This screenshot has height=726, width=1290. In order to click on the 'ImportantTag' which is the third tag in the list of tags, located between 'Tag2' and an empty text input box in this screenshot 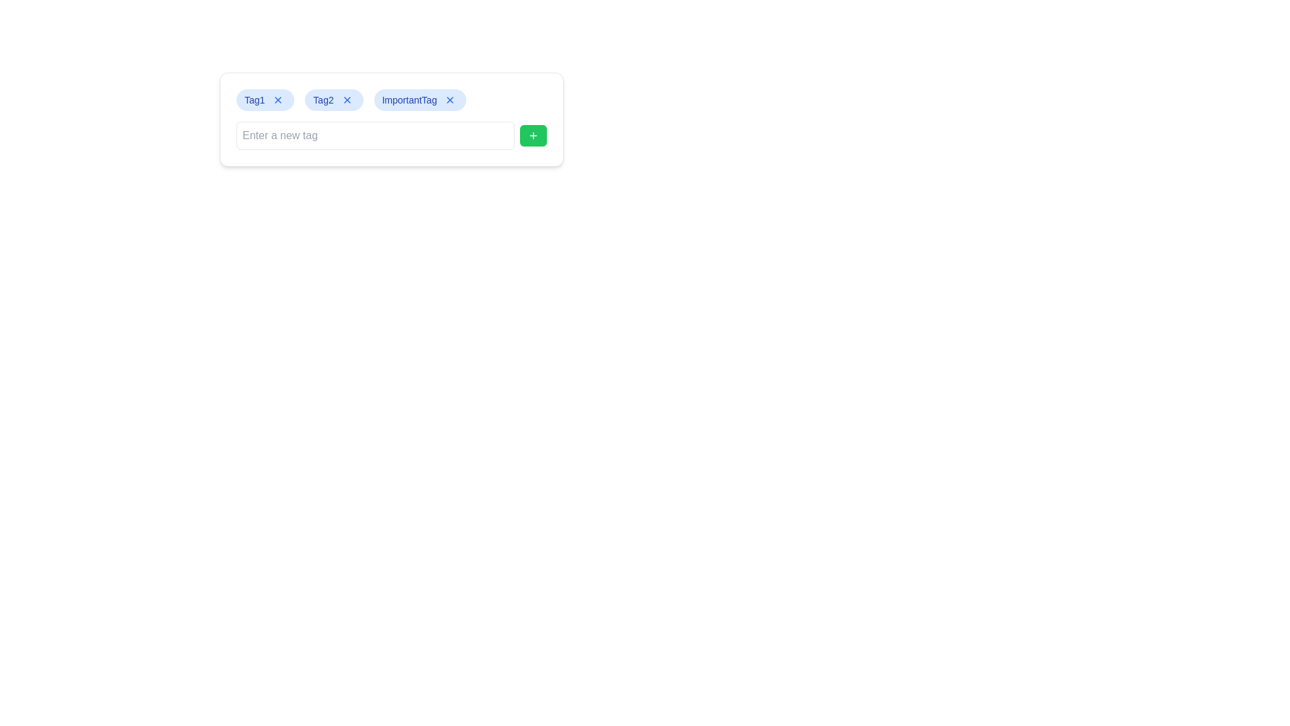, I will do `click(419, 99)`.